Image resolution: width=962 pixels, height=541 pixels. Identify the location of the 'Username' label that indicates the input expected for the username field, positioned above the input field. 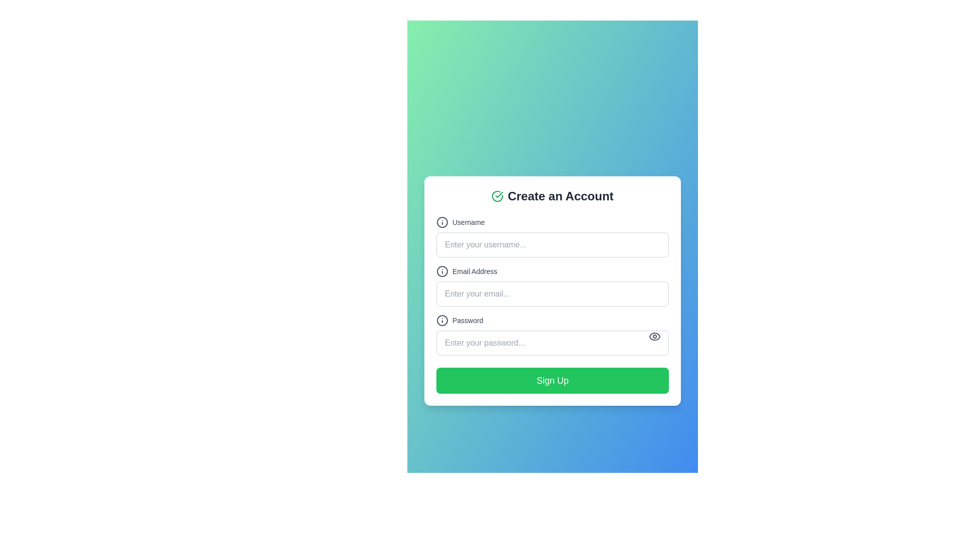
(468, 221).